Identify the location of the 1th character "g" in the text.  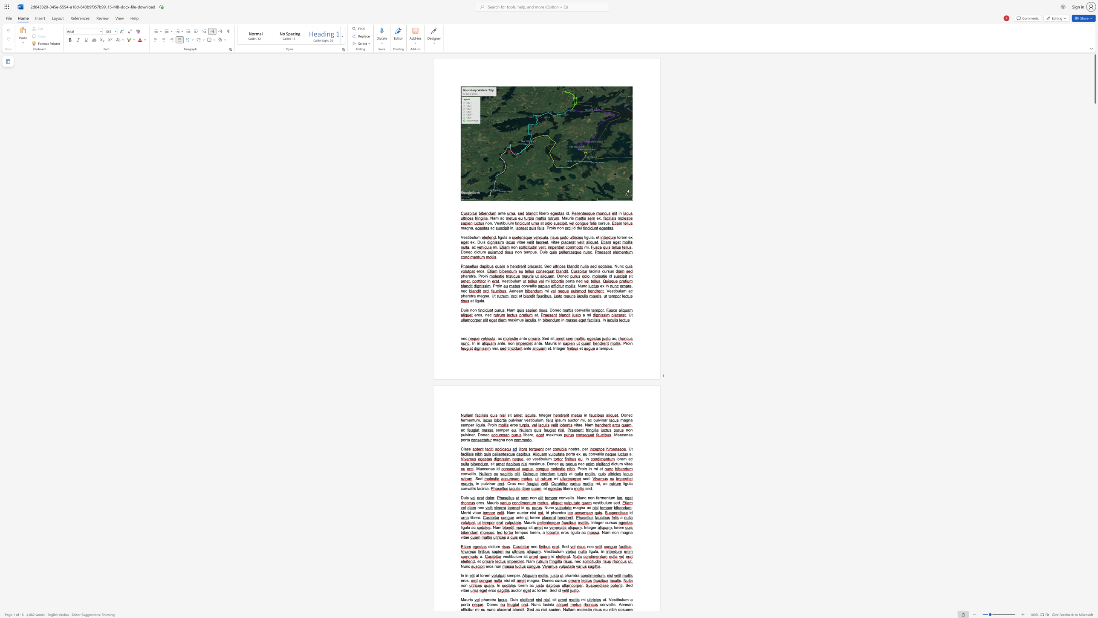
(591, 527).